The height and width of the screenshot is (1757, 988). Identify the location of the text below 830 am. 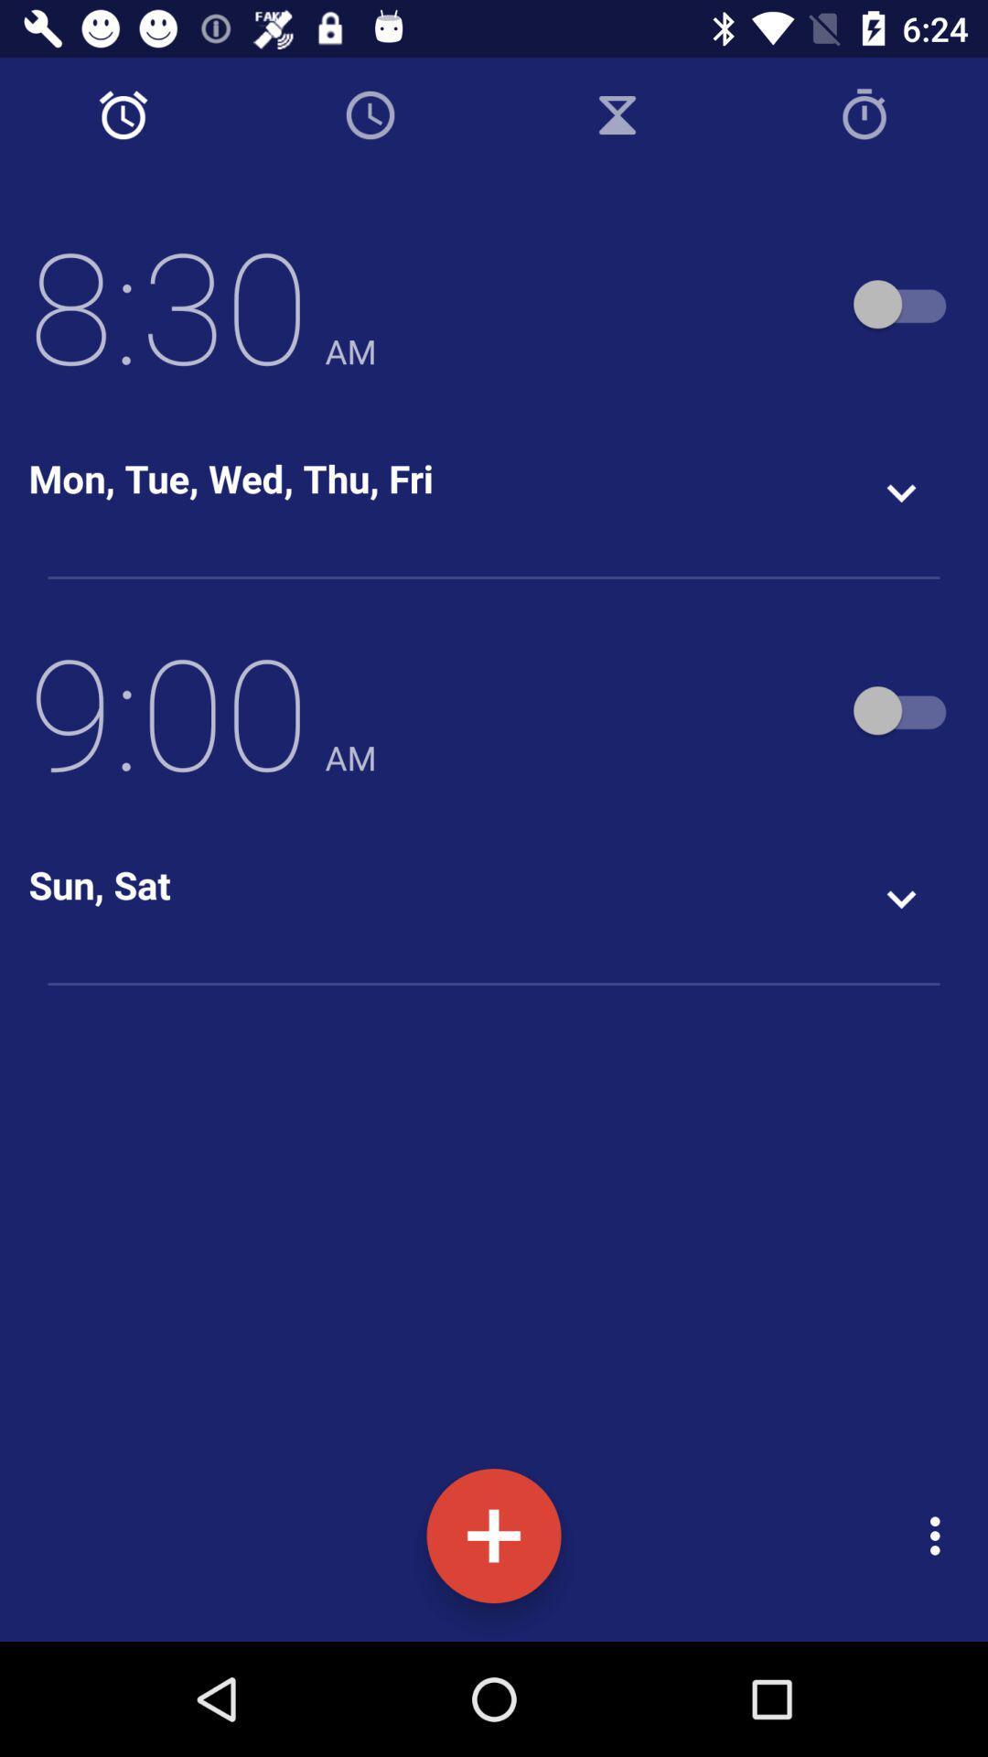
(231, 478).